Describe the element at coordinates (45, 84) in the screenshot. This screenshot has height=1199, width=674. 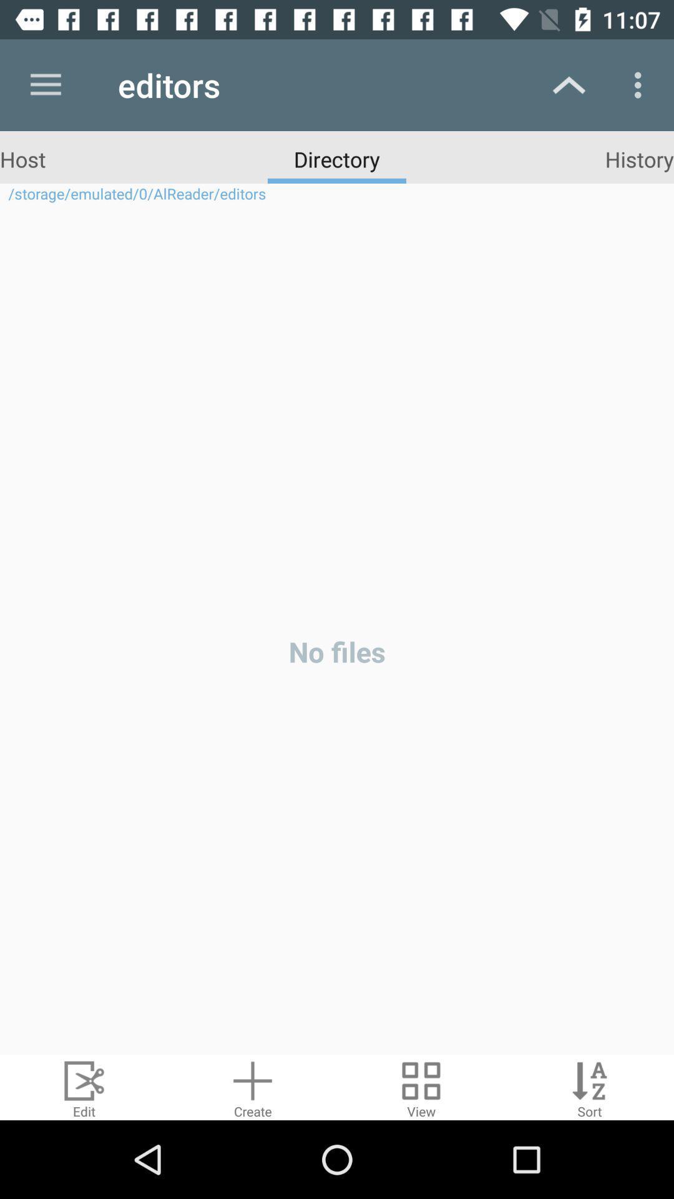
I see `icon above host` at that location.